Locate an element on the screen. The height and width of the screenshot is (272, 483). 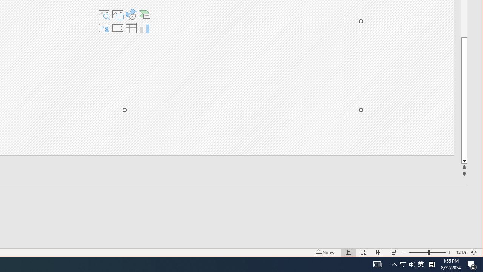
'Insert Video' is located at coordinates (117, 28).